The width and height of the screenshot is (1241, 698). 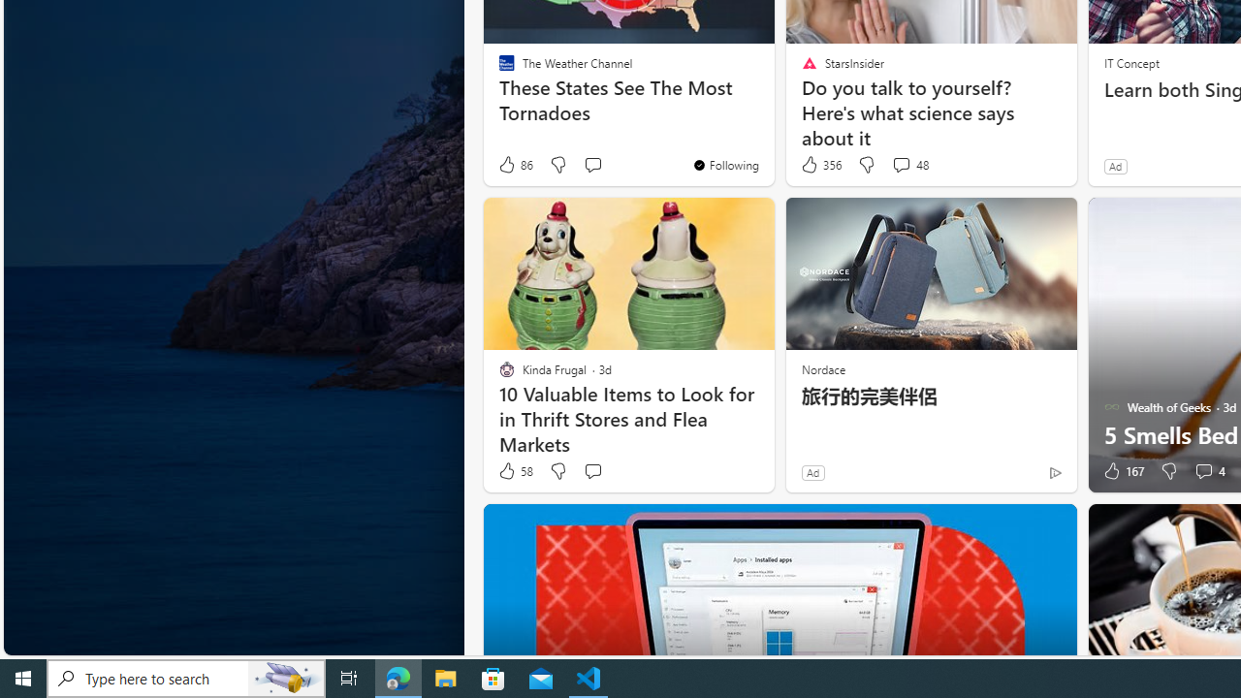 What do you see at coordinates (515, 164) in the screenshot?
I see `'86 Like'` at bounding box center [515, 164].